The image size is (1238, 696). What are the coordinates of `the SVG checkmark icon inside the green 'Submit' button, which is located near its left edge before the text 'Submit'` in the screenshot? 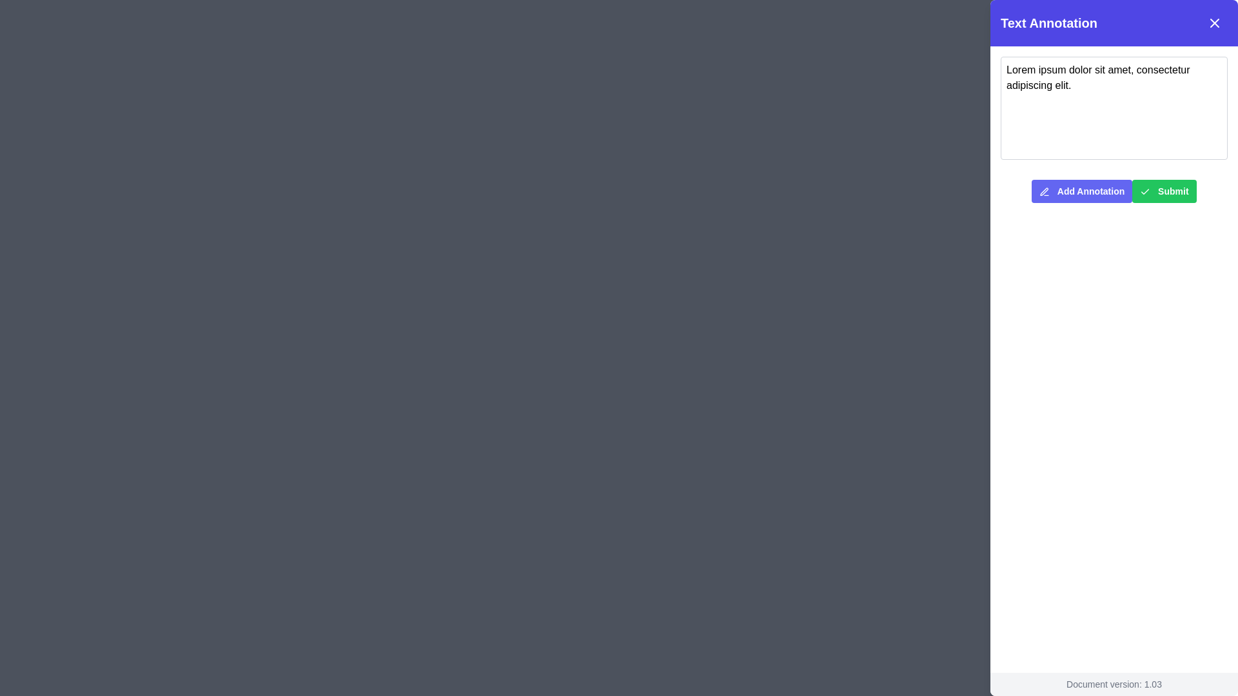 It's located at (1145, 192).